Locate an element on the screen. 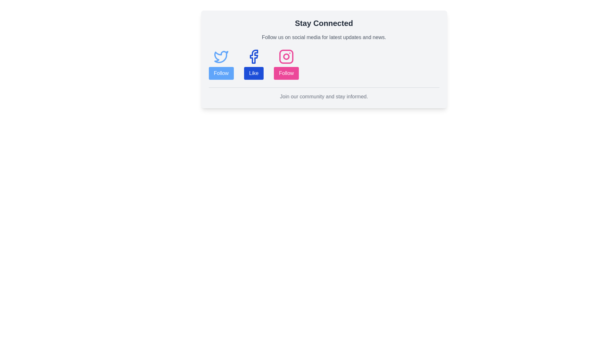 Image resolution: width=615 pixels, height=346 pixels. the circular geometric figure that represents the camera lens area of the Instagram icon is located at coordinates (286, 56).